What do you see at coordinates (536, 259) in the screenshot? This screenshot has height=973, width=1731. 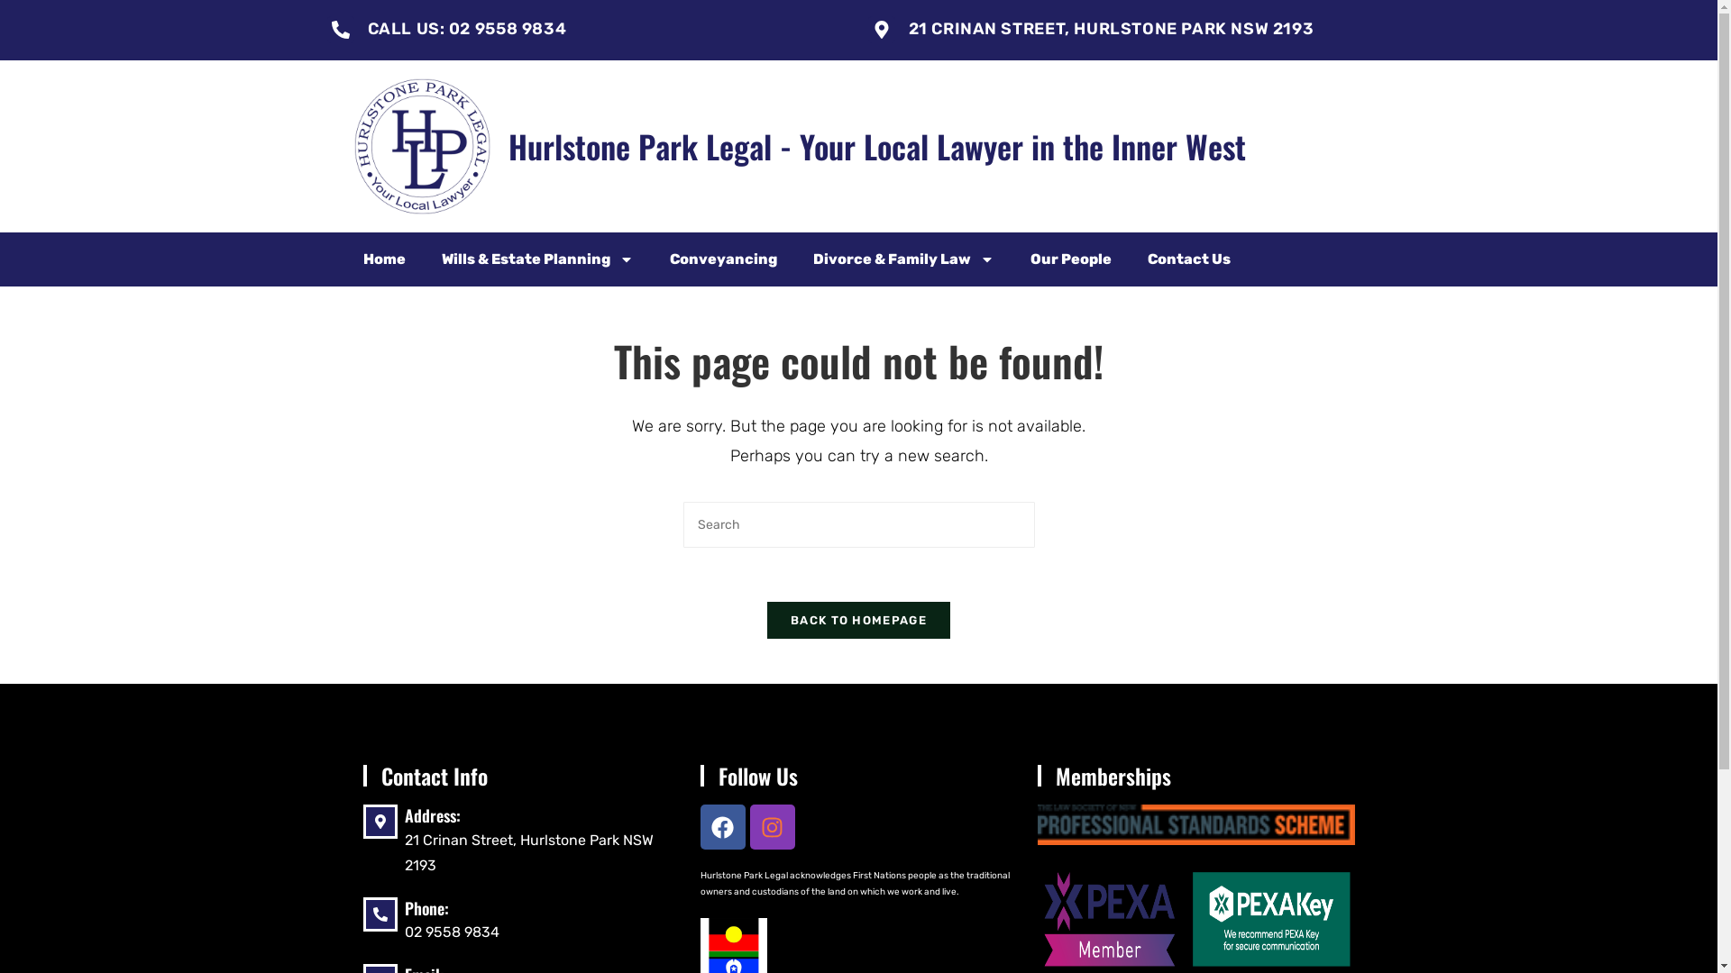 I see `'Wills & Estate Planning'` at bounding box center [536, 259].